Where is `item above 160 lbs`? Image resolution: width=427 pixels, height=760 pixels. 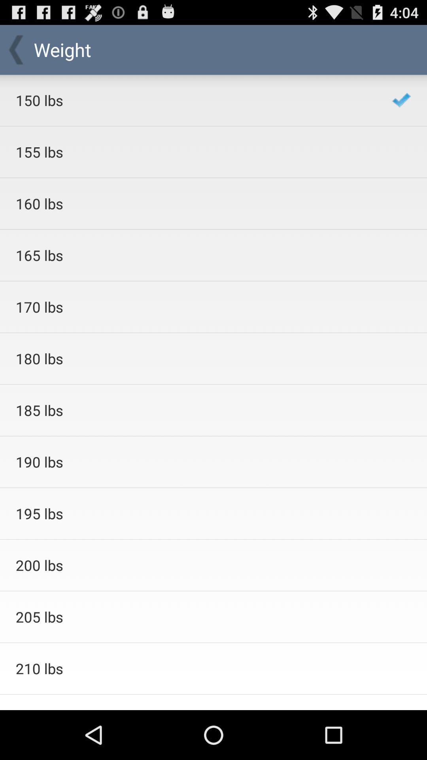 item above 160 lbs is located at coordinates (193, 152).